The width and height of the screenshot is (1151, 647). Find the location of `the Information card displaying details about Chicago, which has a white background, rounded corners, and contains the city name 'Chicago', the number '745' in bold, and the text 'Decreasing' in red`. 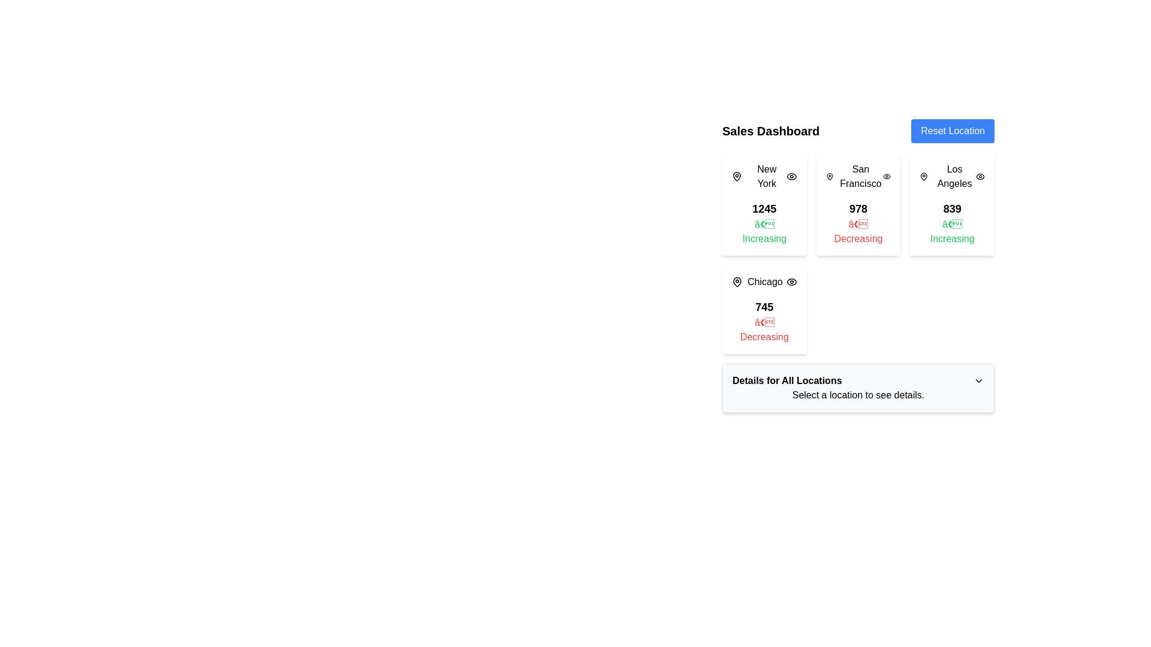

the Information card displaying details about Chicago, which has a white background, rounded corners, and contains the city name 'Chicago', the number '745' in bold, and the text 'Decreasing' in red is located at coordinates (764, 309).